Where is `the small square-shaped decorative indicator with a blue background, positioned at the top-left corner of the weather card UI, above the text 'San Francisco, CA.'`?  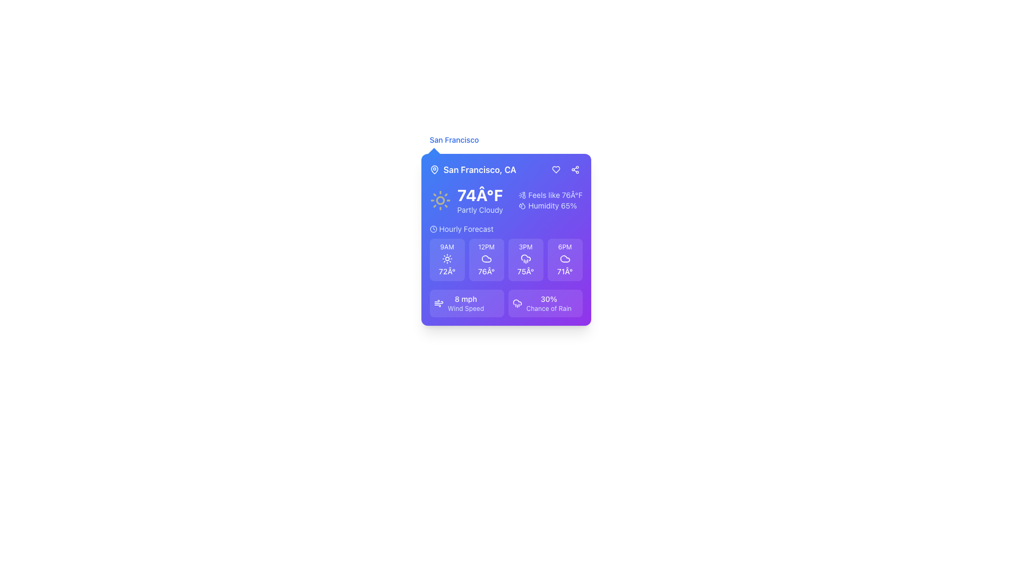
the small square-shaped decorative indicator with a blue background, positioned at the top-left corner of the weather card UI, above the text 'San Francisco, CA.' is located at coordinates (434, 153).